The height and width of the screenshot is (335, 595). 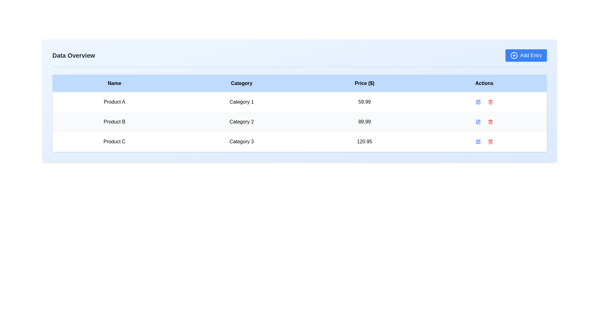 What do you see at coordinates (478, 141) in the screenshot?
I see `the edit button located on the right side of the last row in the table under the 'Actions' column to initiate the edit action` at bounding box center [478, 141].